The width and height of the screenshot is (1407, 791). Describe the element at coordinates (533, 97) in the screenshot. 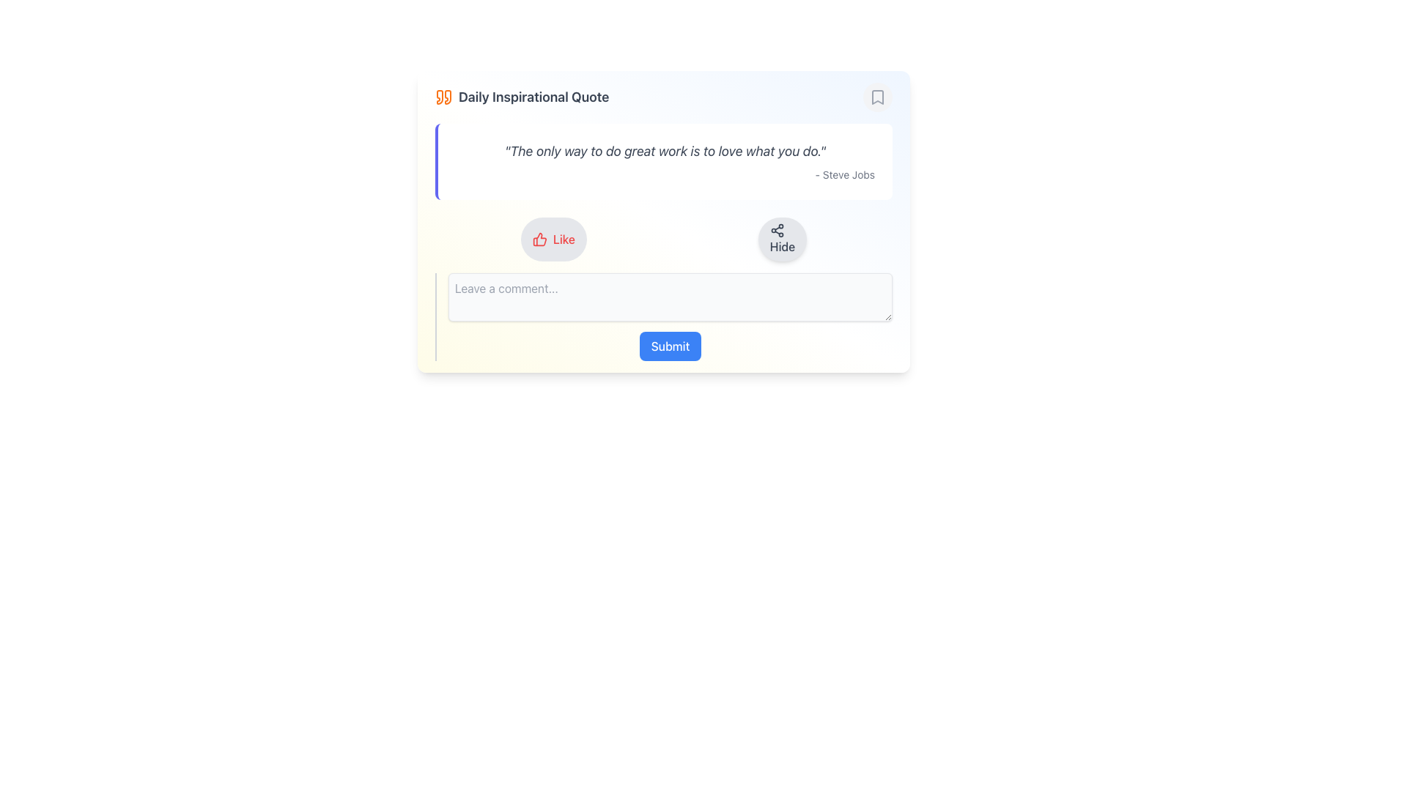

I see `the 'Daily Inspirational Quote' text label located at the top-left of the card, which is styled in bold and slightly larger font and preceded by an orange quotation icon` at that location.